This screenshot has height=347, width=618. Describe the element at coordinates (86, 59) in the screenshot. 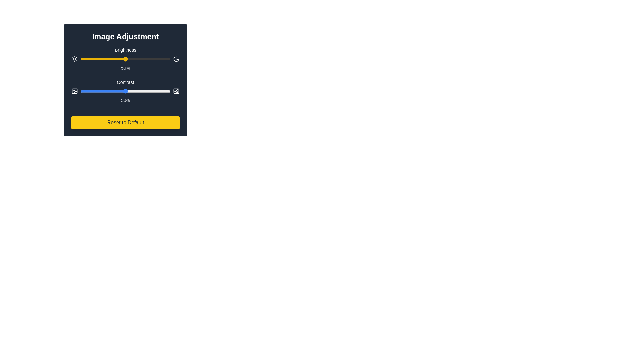

I see `the brightness` at that location.